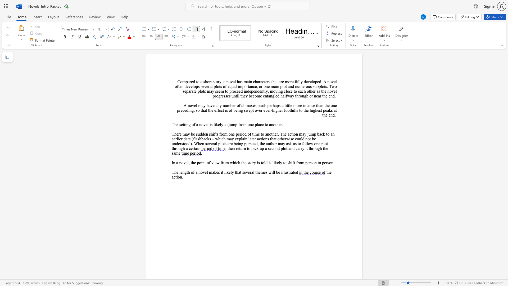 The image size is (508, 286). I want to click on the subset text "ne m" within the text "Compared to a short story, a novel has main characters that are more fully developed. A novel often develops several plots of equal importance, or one main plot and", so click(266, 86).